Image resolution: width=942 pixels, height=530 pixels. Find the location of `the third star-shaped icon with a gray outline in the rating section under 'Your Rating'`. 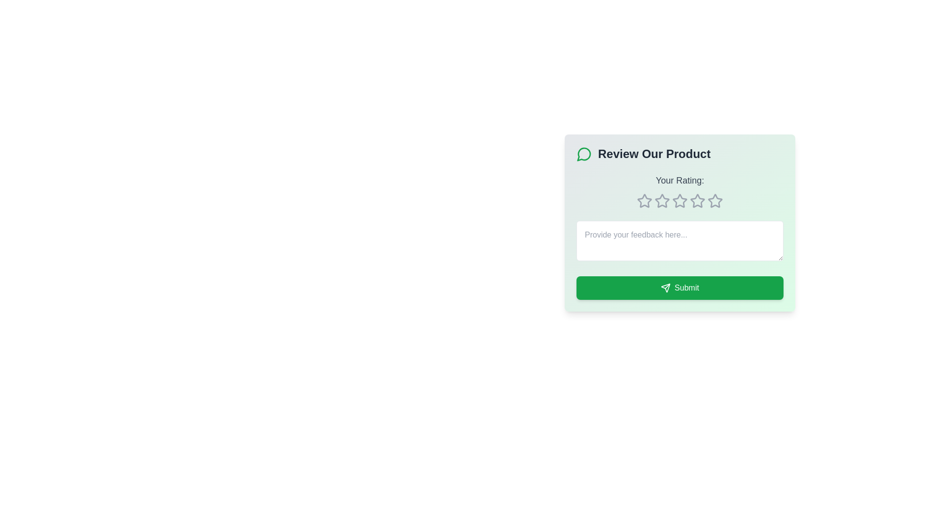

the third star-shaped icon with a gray outline in the rating section under 'Your Rating' is located at coordinates (697, 200).